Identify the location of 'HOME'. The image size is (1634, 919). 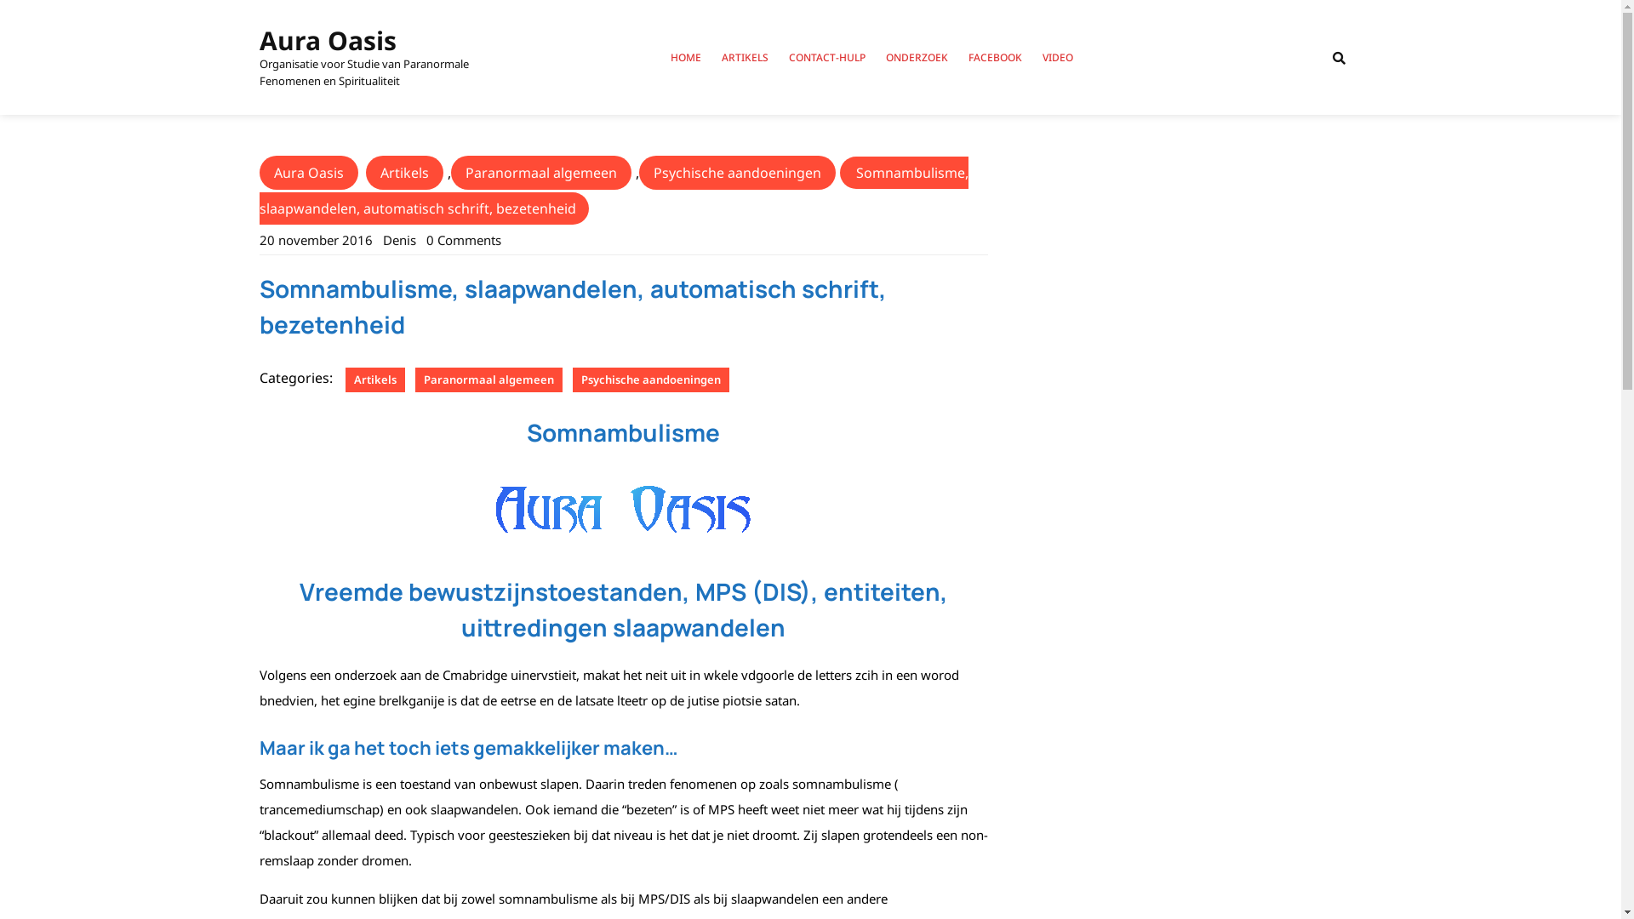
(686, 57).